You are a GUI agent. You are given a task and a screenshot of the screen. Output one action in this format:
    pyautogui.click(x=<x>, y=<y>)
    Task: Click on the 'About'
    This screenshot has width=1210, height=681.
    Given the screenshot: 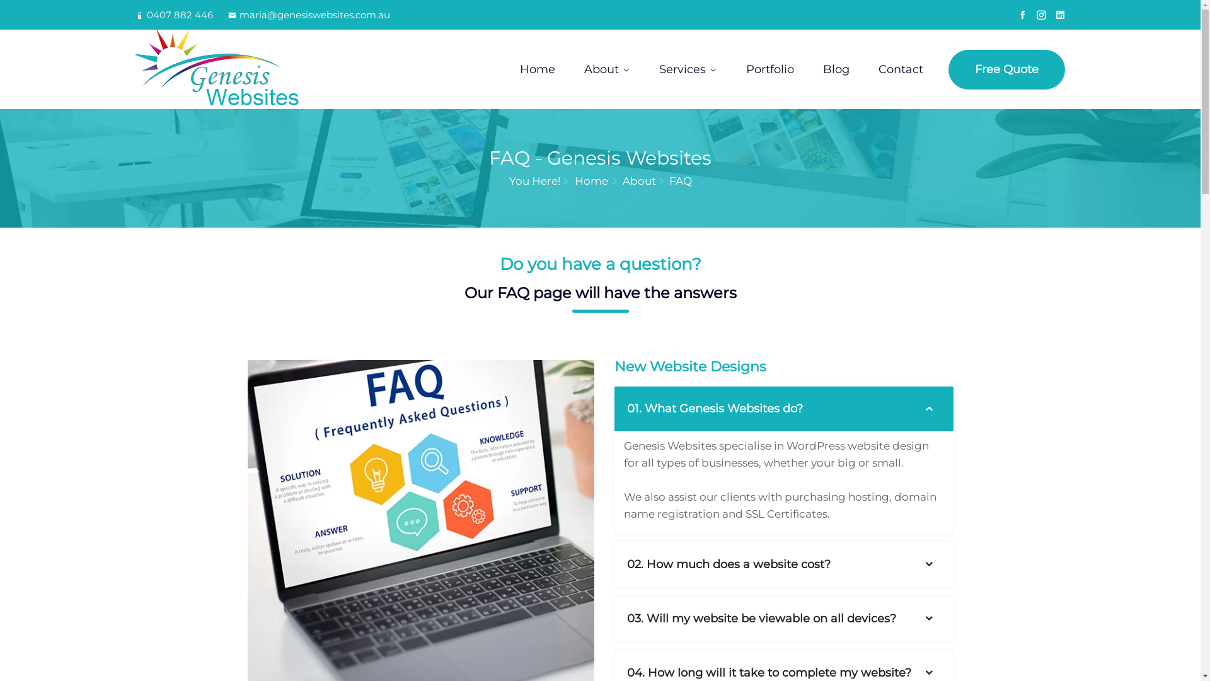 What is the action you would take?
    pyautogui.click(x=623, y=180)
    